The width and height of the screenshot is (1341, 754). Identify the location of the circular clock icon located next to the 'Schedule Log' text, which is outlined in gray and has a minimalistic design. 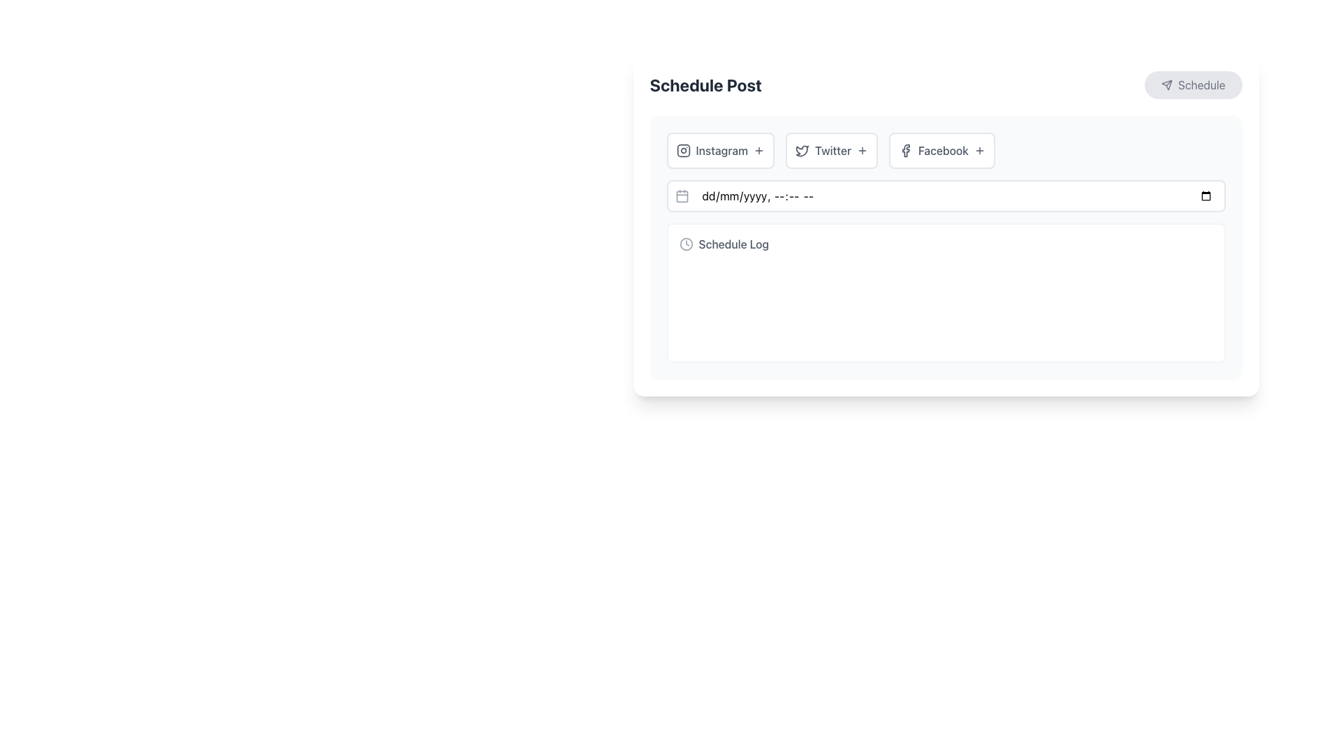
(686, 244).